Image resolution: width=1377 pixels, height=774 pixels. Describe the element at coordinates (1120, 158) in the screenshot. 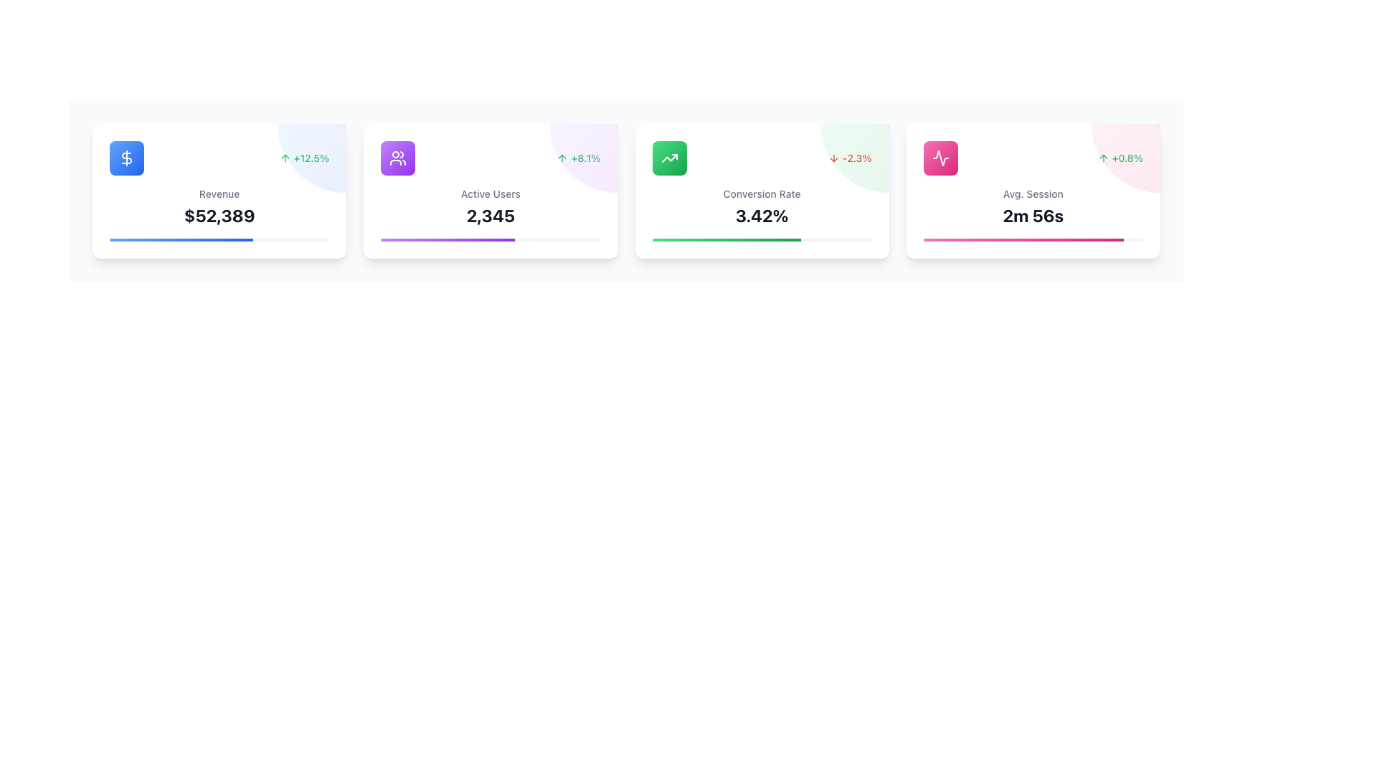

I see `the Icon and Text indicating a percentage increase located in the top-right corner of the 'Avg. Session' card` at that location.